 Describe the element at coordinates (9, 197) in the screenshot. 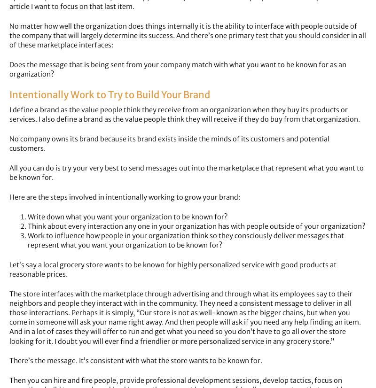

I see `'Here are the steps involved in intentionally working to grow your brand:'` at that location.